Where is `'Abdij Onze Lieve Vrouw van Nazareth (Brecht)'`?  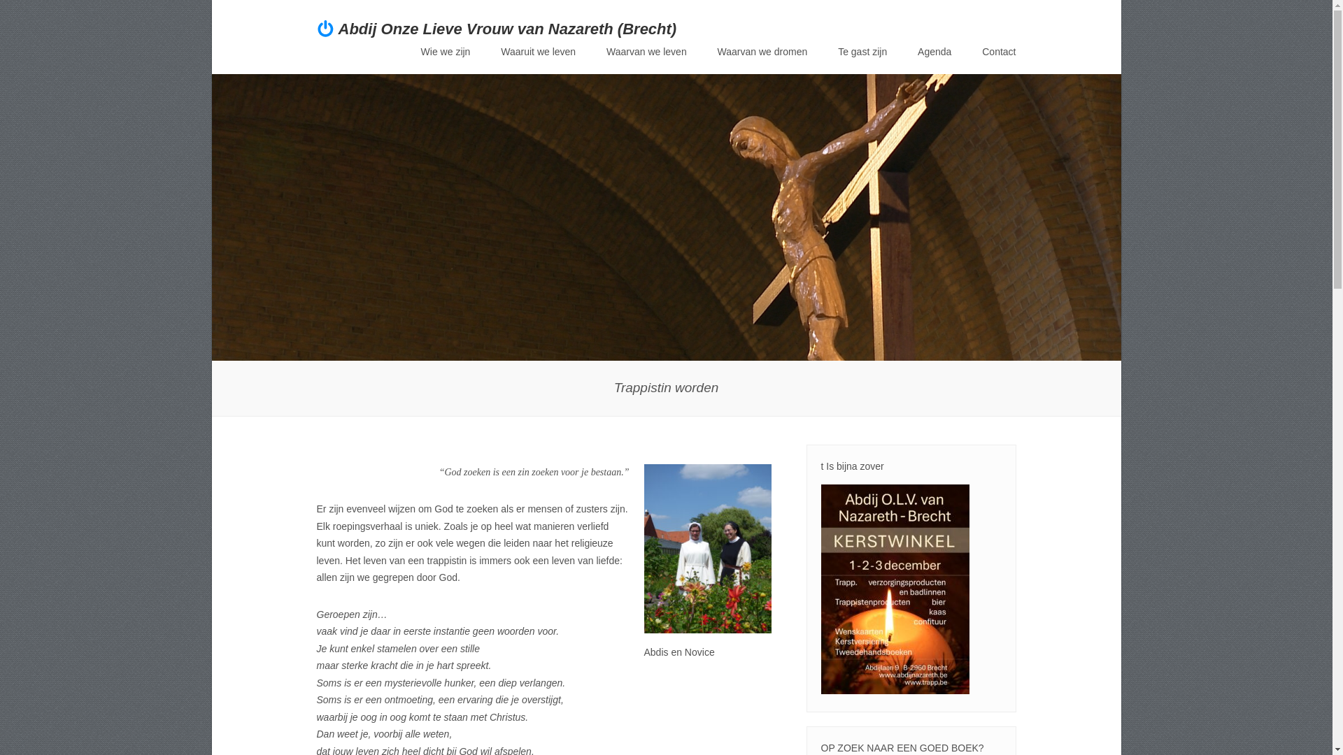 'Abdij Onze Lieve Vrouw van Nazareth (Brecht)' is located at coordinates (506, 29).